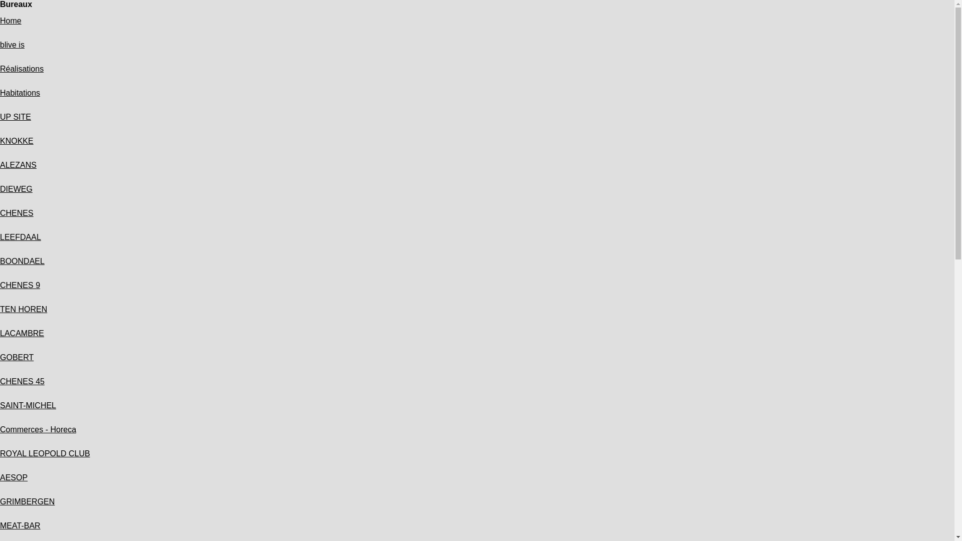  I want to click on 'ALEZANS', so click(18, 164).